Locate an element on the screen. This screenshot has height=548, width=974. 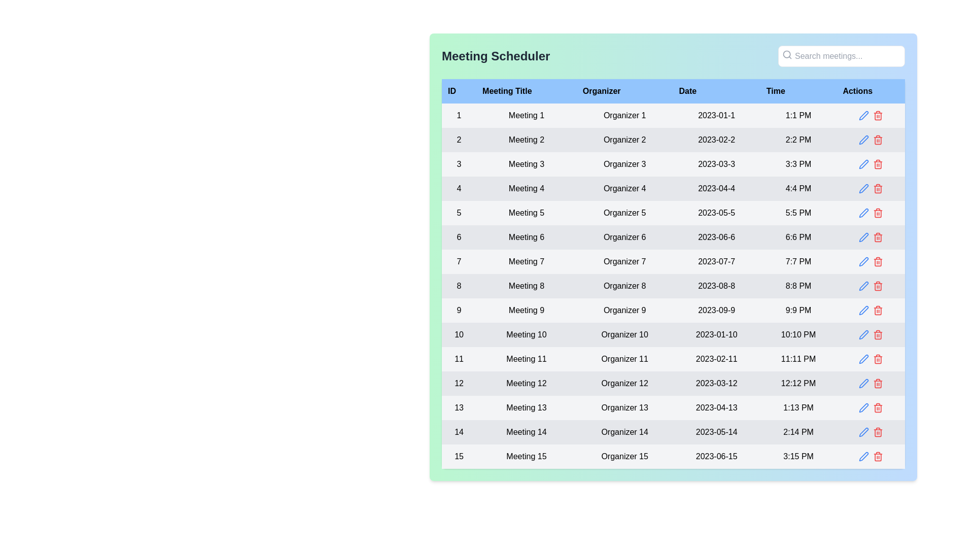
the icon buttons in the far-right cell of the eighth row, which contains the edit (blue pencil) and delete (red trash can) icons for 'Meeting 8' at '8:8 PM' is located at coordinates (870, 286).